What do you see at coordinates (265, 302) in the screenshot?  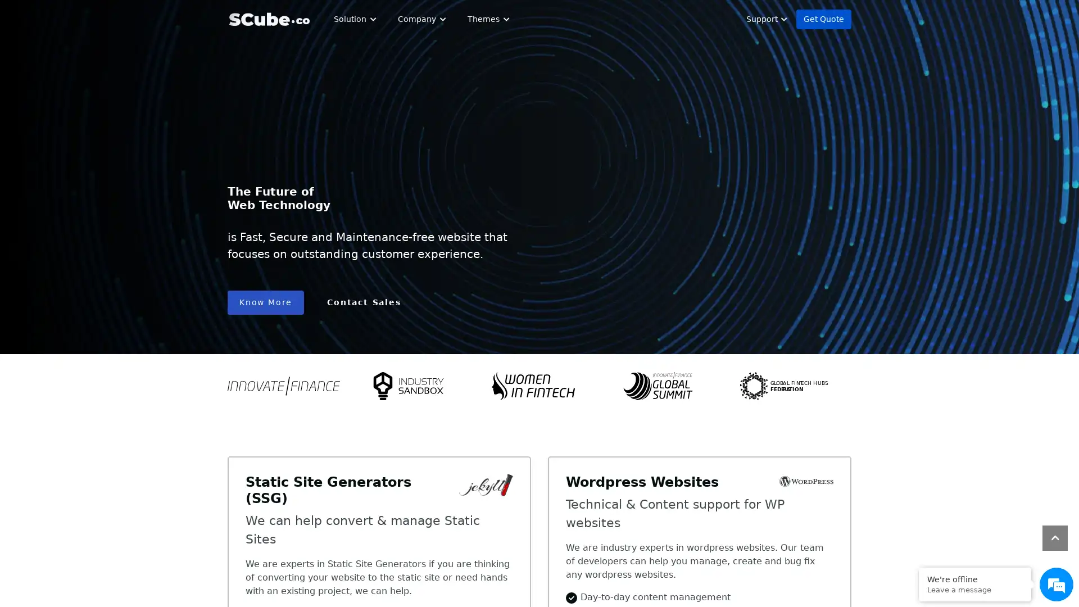 I see `Know More` at bounding box center [265, 302].